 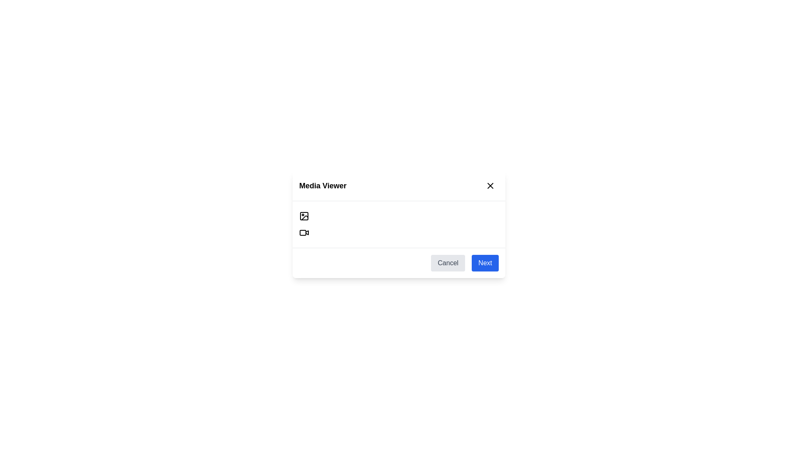 I want to click on the bold, black text label reading 'Media Viewer' located at the top left section of the modal for copying, so click(x=322, y=185).